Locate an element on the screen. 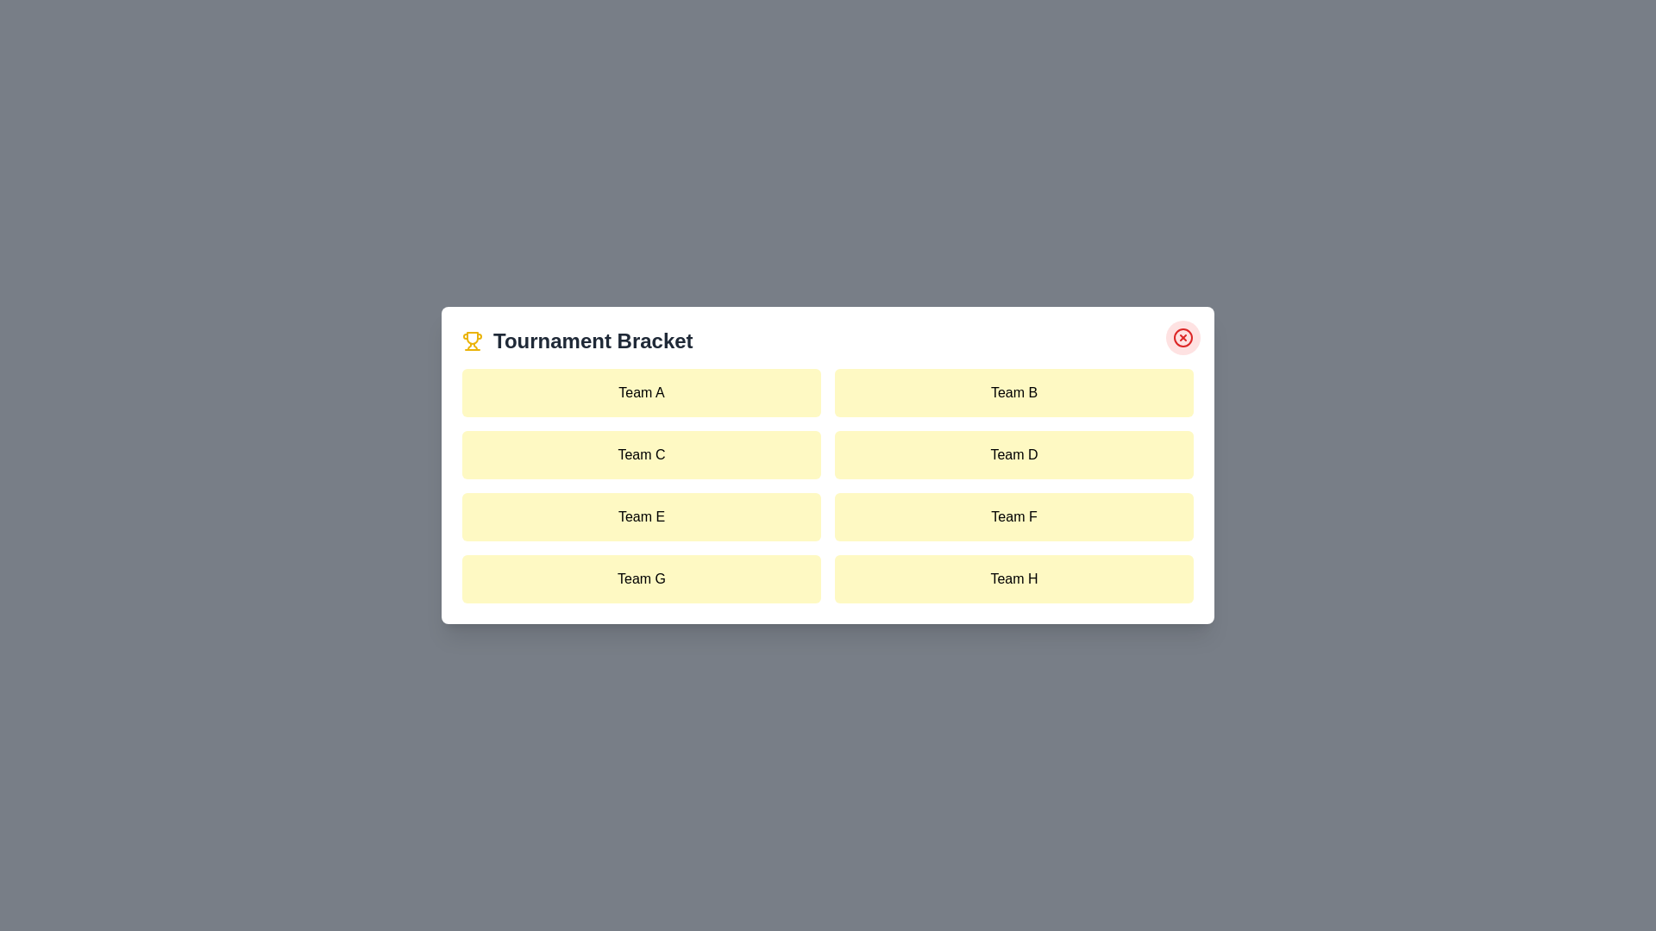 Image resolution: width=1656 pixels, height=931 pixels. the team item labeled Team D is located at coordinates (1014, 454).